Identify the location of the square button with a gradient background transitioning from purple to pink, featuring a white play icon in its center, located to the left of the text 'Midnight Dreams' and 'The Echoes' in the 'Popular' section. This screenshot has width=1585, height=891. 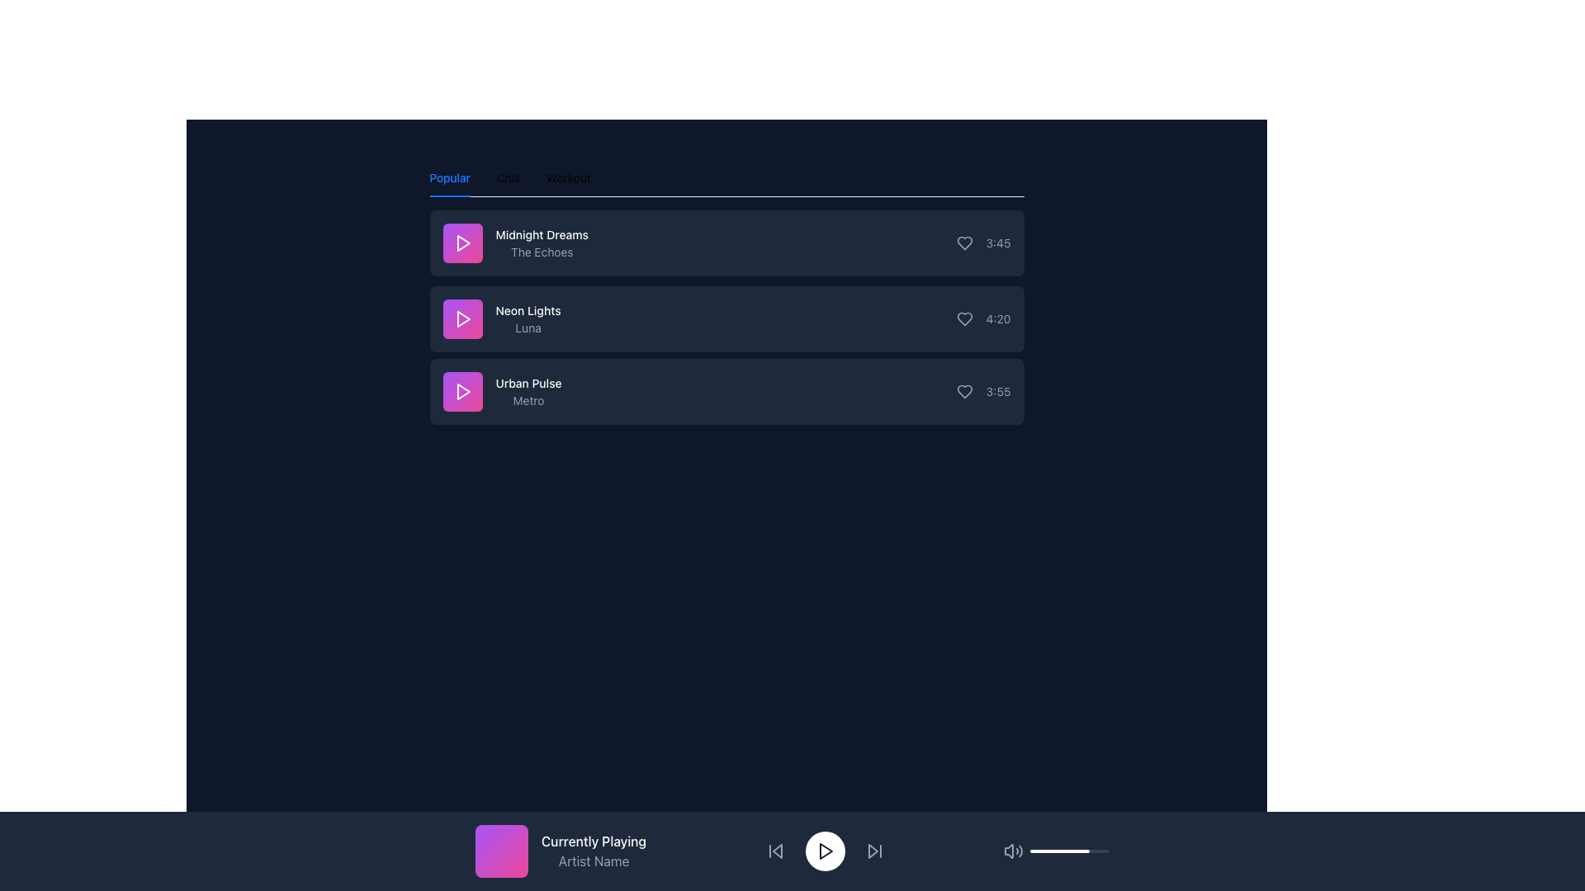
(462, 243).